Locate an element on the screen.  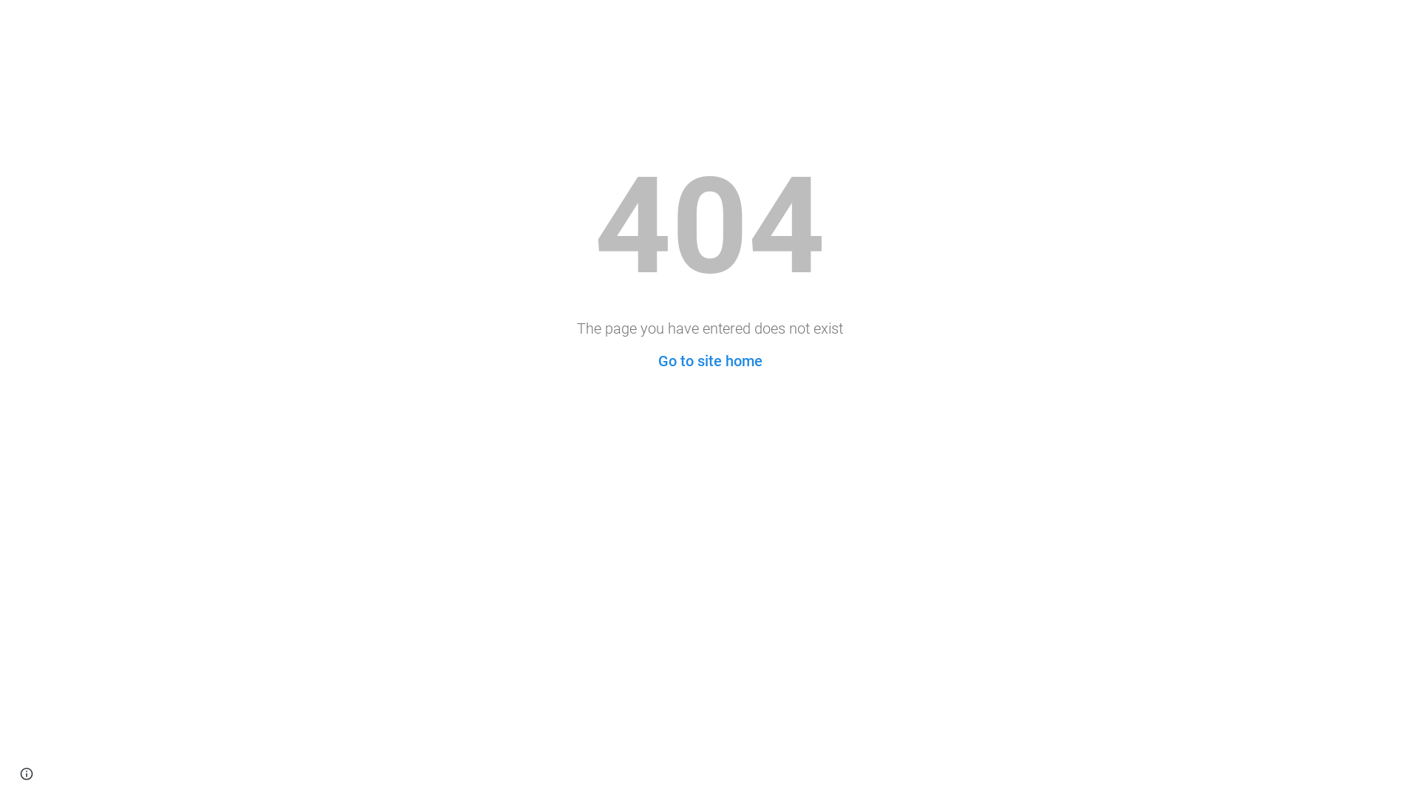
'Go to site home' is located at coordinates (710, 361).